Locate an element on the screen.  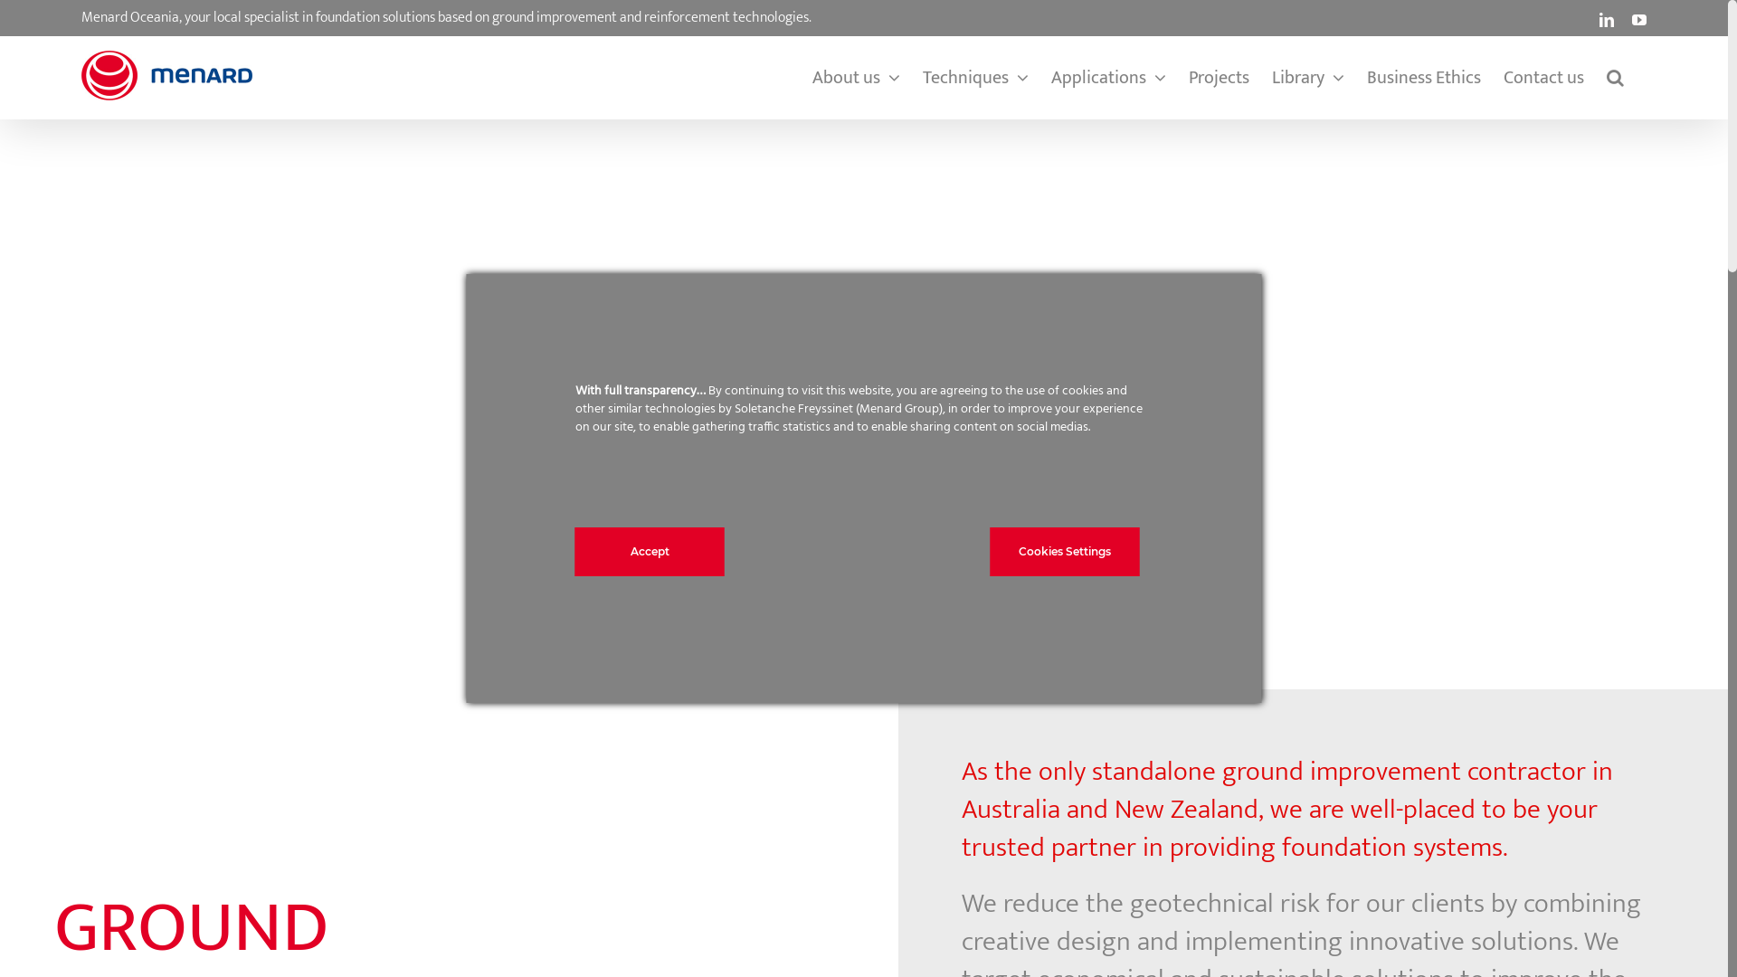
'LinkedIn' is located at coordinates (1607, 20).